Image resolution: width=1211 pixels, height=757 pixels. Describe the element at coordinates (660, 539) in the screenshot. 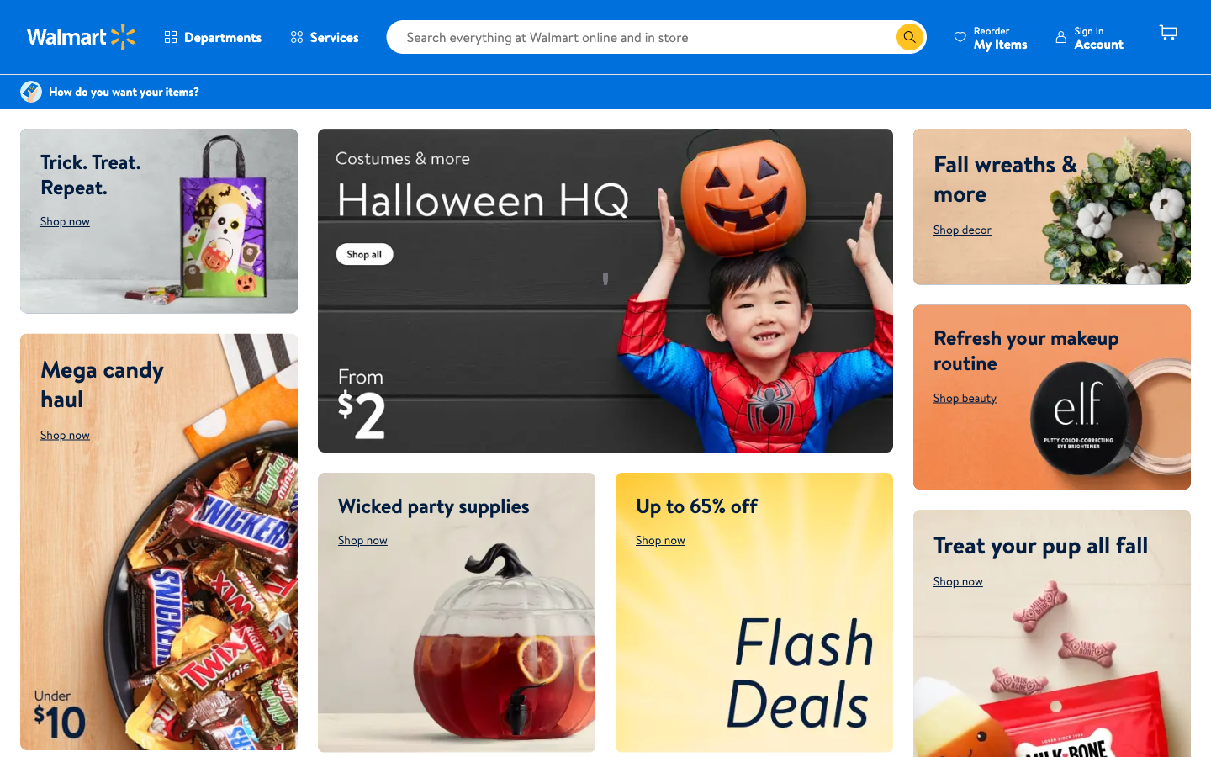

I see `flash deals page through shop now button` at that location.